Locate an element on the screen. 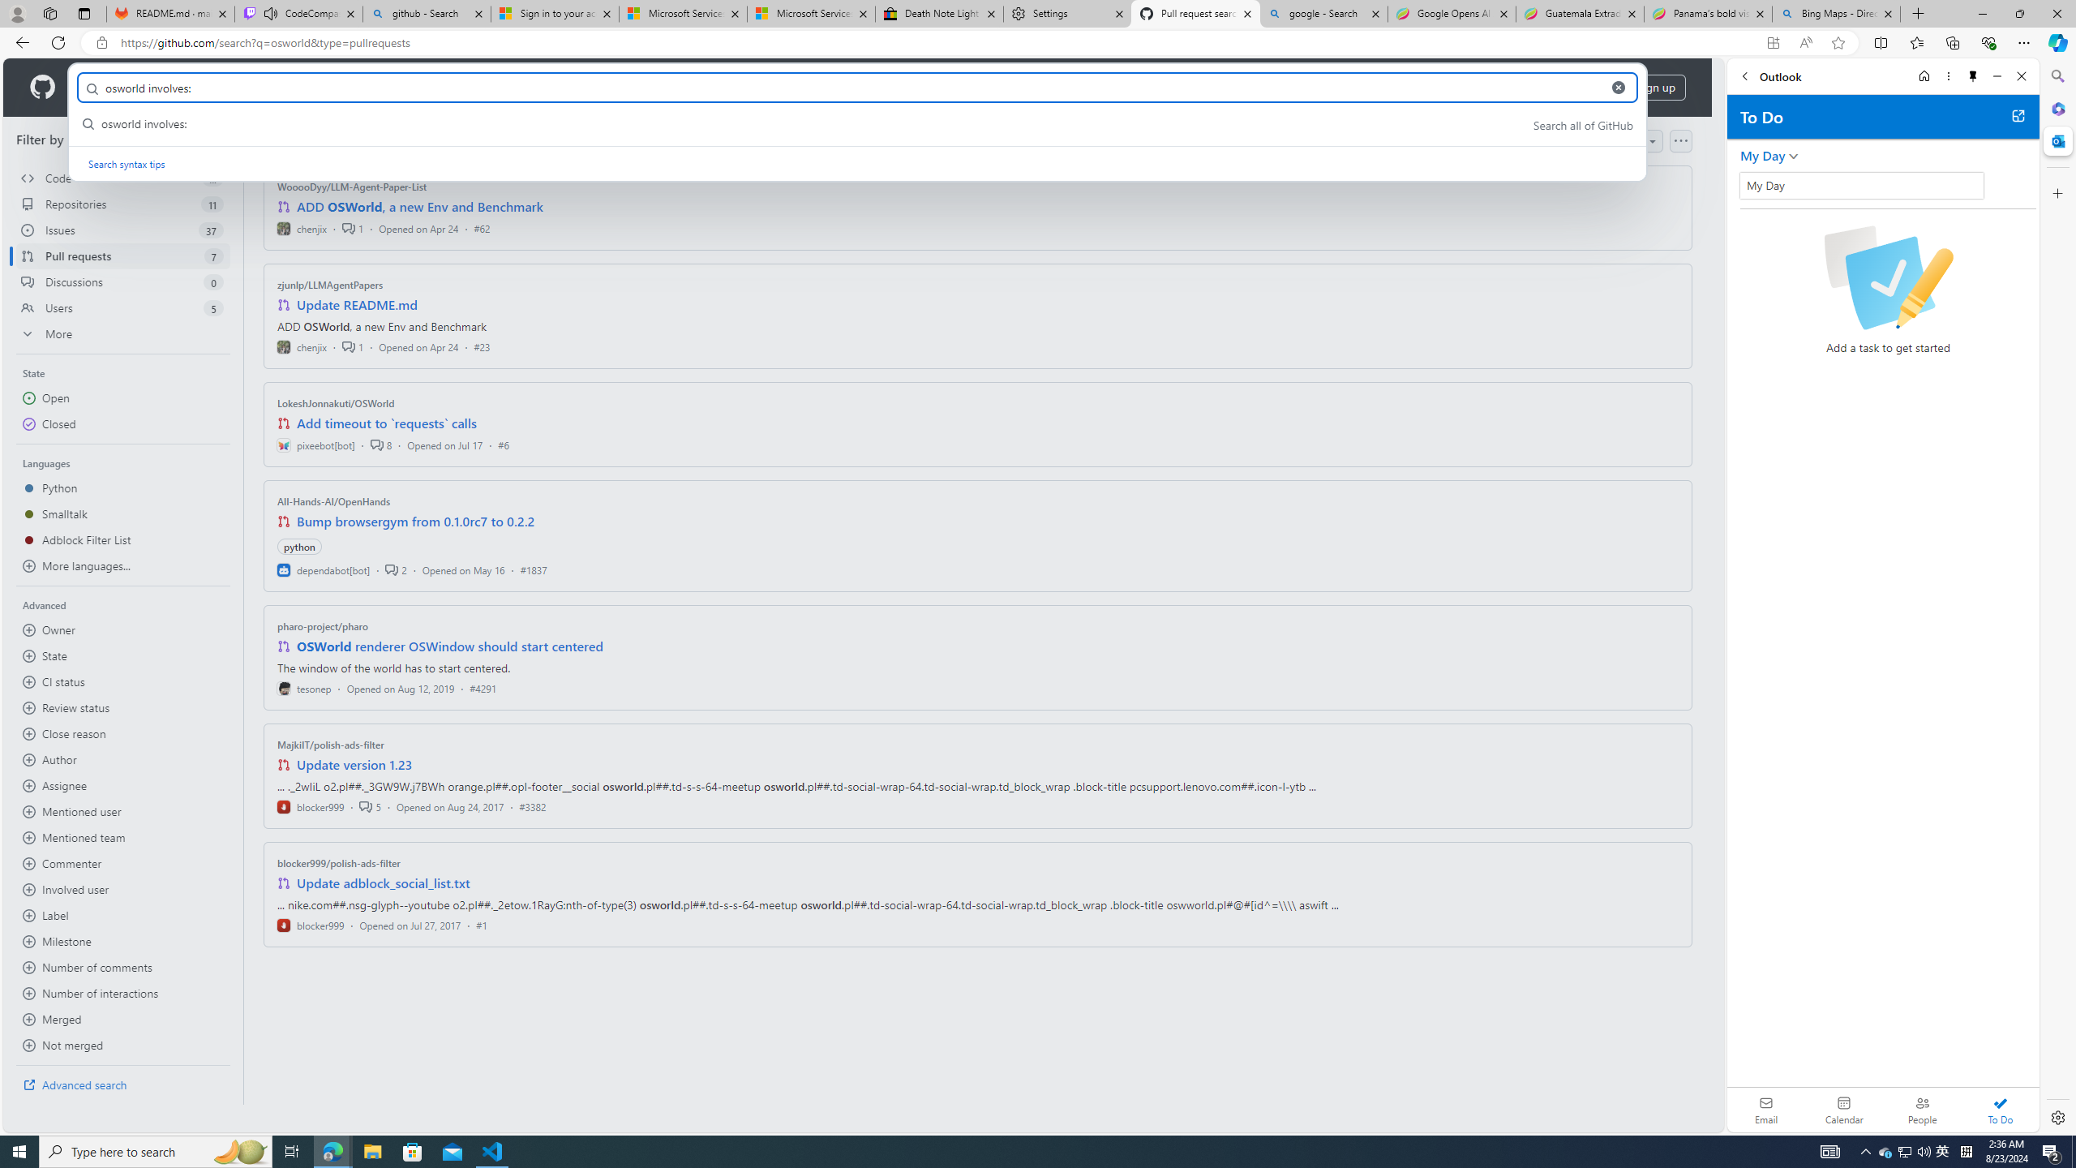 The image size is (2076, 1168). '8' is located at coordinates (380, 444).